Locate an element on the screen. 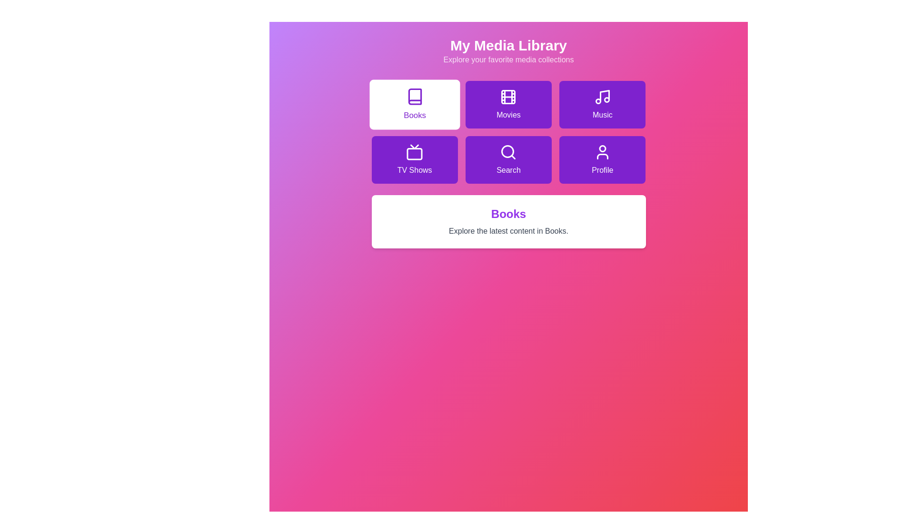 The image size is (914, 514). the bottom right button in a 3x2 grid layout is located at coordinates (602, 159).